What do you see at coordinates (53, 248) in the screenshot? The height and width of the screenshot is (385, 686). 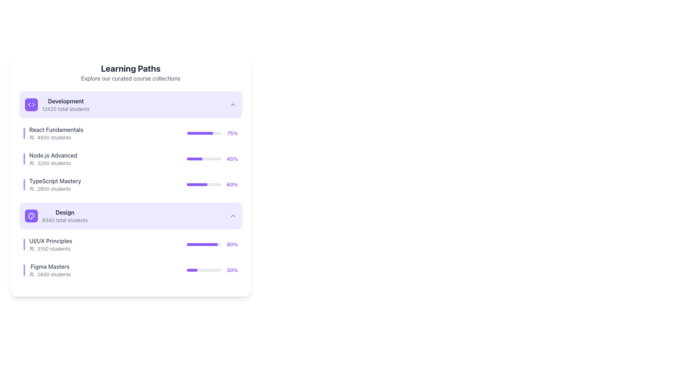 I see `the informational text element displaying the number of enrolled users for the 'UI/UX Principles' course, located beneath the heading in the 'Design' section` at bounding box center [53, 248].